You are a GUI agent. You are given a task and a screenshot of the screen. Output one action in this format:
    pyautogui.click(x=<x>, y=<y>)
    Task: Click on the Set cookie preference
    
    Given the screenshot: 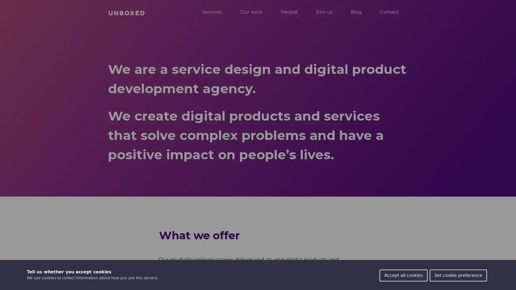 What is the action you would take?
    pyautogui.click(x=458, y=275)
    